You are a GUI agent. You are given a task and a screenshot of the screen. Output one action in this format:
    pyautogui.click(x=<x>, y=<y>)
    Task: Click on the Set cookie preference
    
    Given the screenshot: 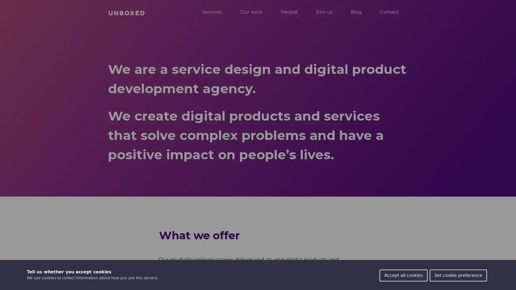 What is the action you would take?
    pyautogui.click(x=458, y=275)
    